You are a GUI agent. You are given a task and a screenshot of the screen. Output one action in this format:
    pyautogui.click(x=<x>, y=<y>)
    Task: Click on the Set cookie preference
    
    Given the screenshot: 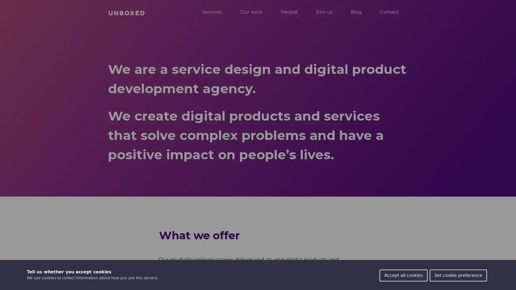 What is the action you would take?
    pyautogui.click(x=458, y=275)
    